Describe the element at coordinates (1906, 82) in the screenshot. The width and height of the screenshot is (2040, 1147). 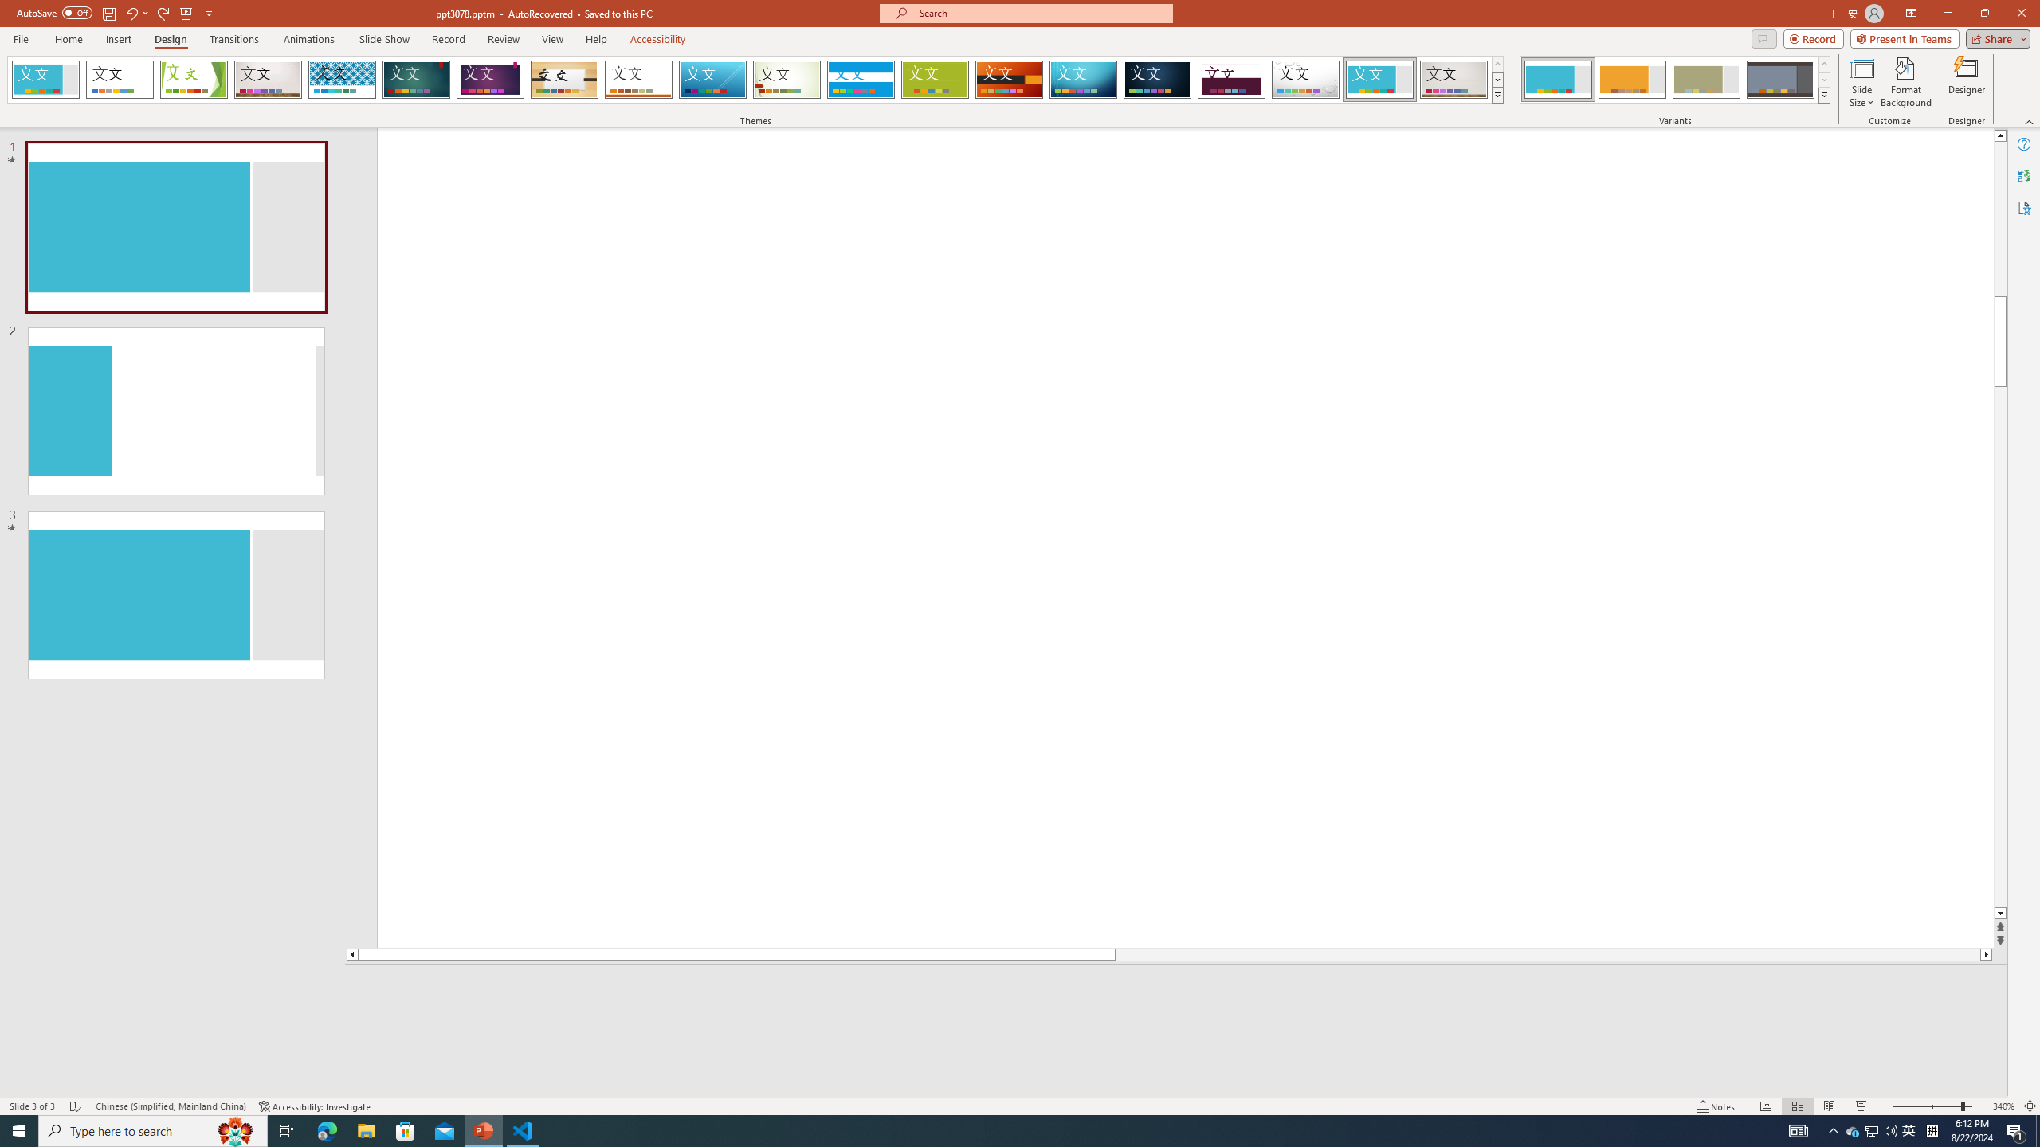
I see `'Format Background'` at that location.